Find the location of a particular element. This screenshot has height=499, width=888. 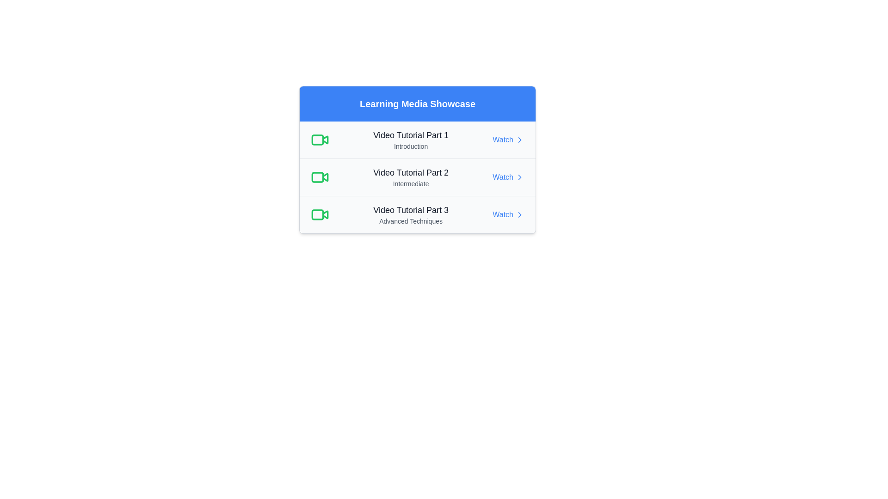

the inner rectangle of the green video recorder icon, which is the second in a vertical list of three under 'Learning Media Showcase' is located at coordinates (317, 177).